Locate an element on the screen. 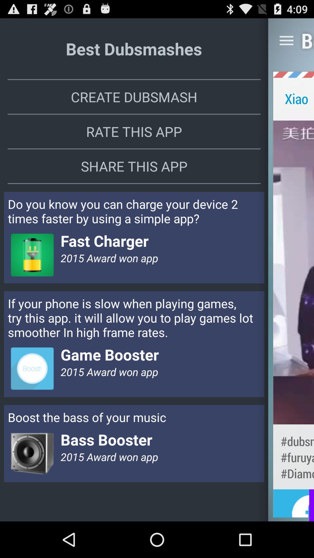 This screenshot has width=314, height=558. xiao app is located at coordinates (293, 99).